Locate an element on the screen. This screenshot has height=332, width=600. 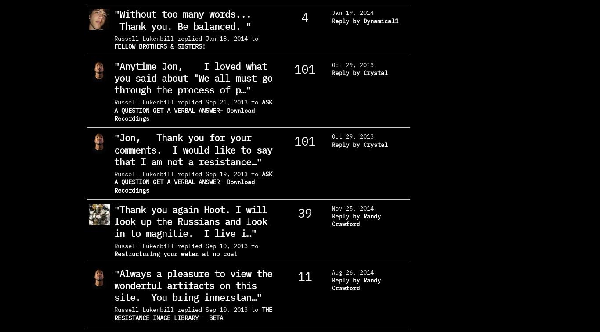
'Jon,
 
Thank you for your comments.  I would like to say that I am not a resistance…' is located at coordinates (192, 149).